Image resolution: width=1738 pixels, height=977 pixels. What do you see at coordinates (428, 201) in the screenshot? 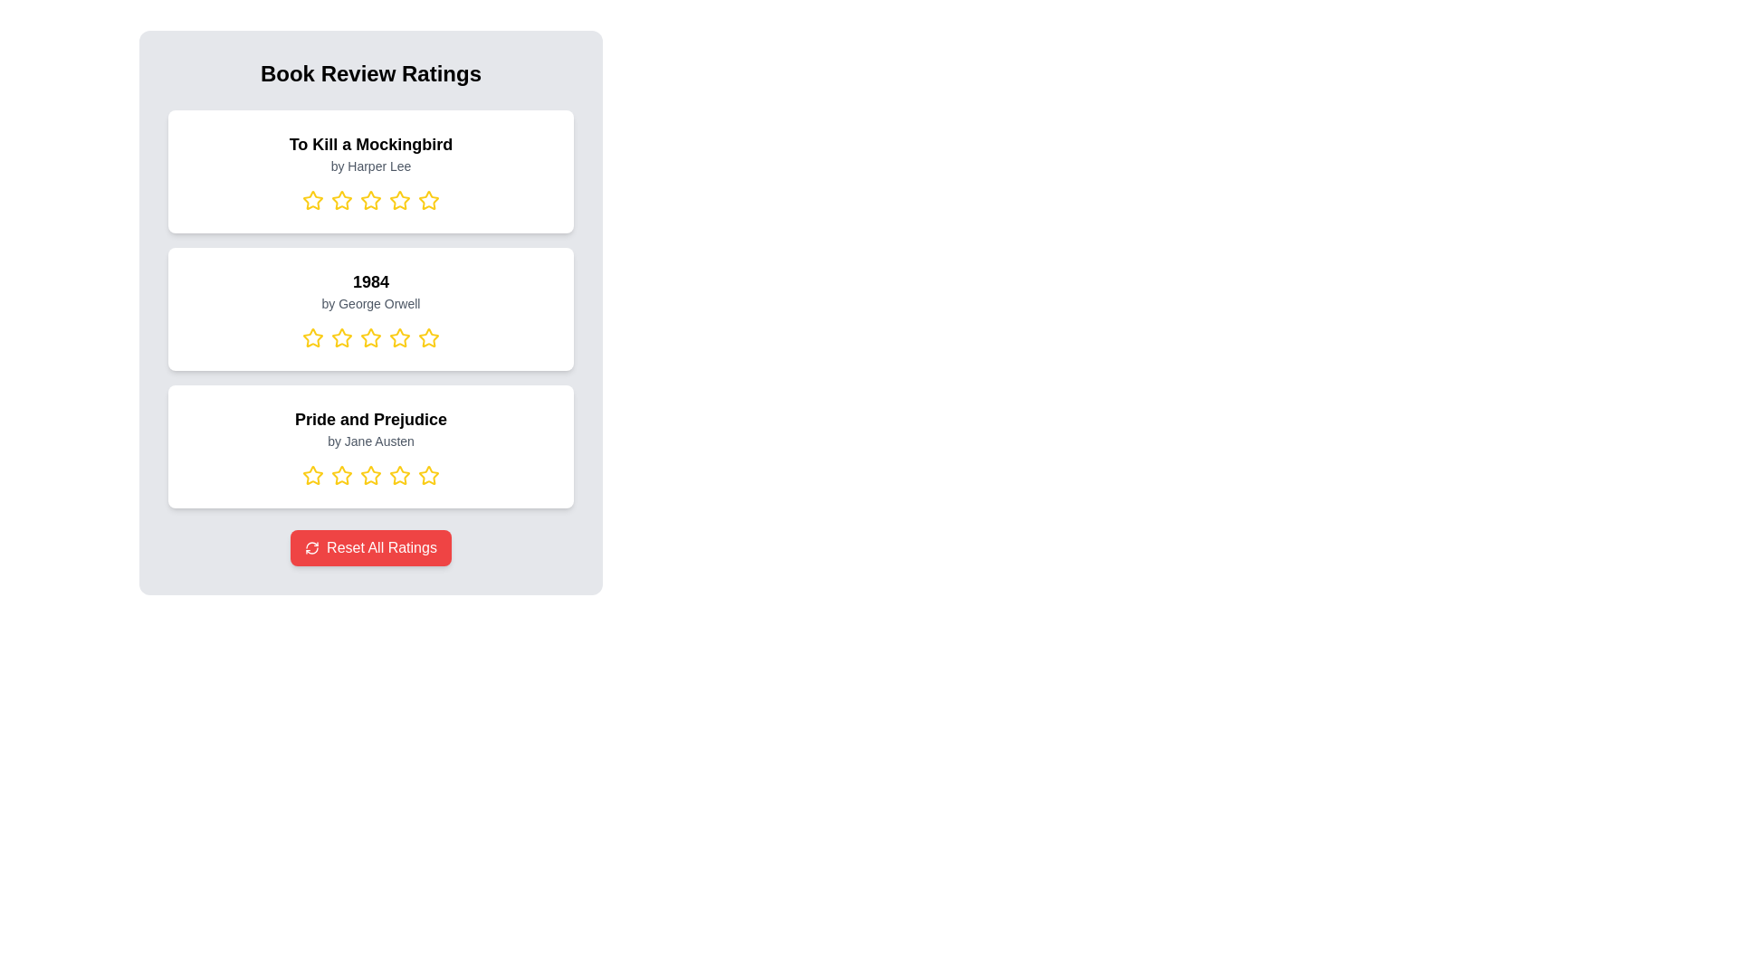
I see `the rating for a book by selecting 5 stars for the book titled To Kill a Mockingbird` at bounding box center [428, 201].